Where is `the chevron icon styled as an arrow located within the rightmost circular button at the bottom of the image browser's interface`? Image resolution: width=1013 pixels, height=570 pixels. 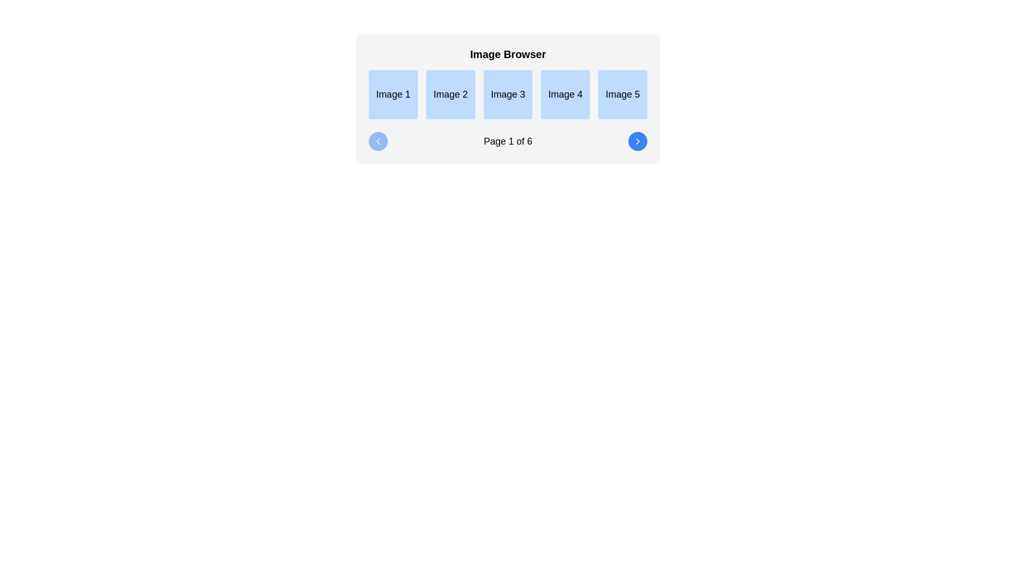
the chevron icon styled as an arrow located within the rightmost circular button at the bottom of the image browser's interface is located at coordinates (637, 140).